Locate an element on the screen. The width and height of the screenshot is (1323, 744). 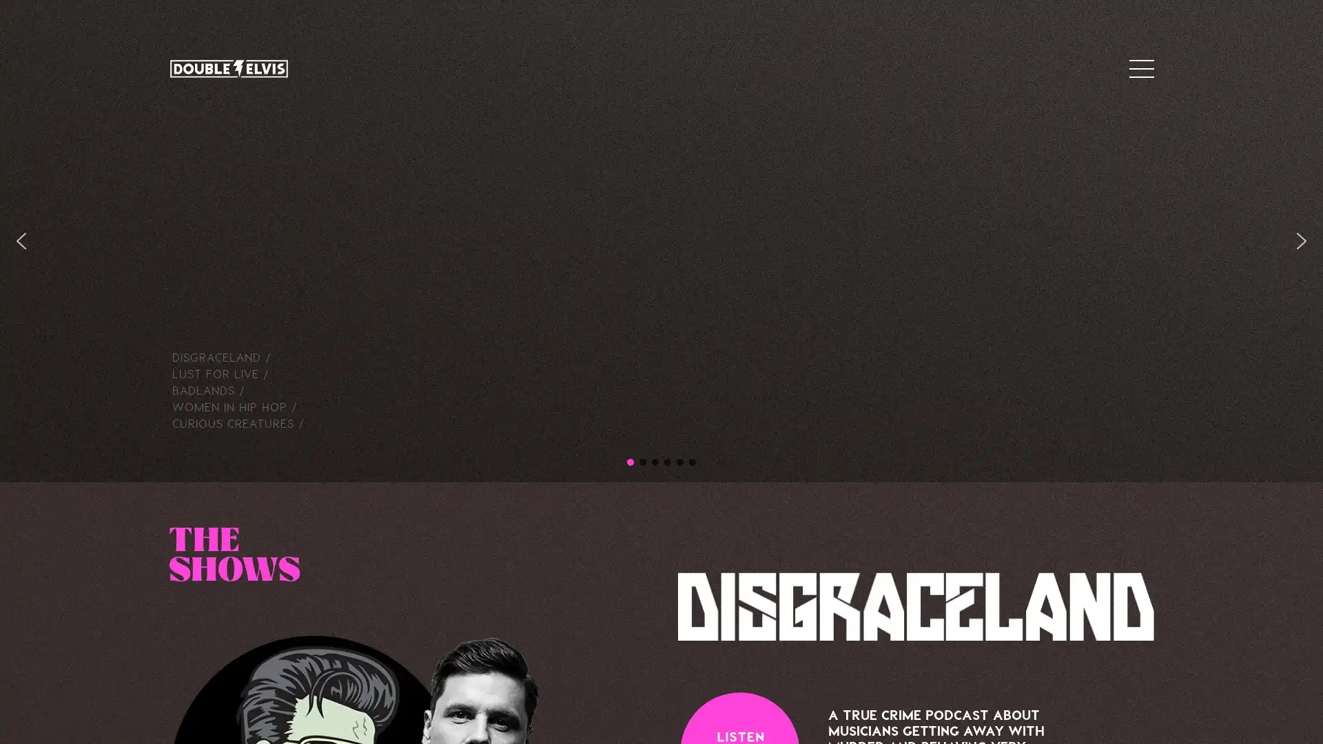
SUBSCRIBE is located at coordinates (661, 474).